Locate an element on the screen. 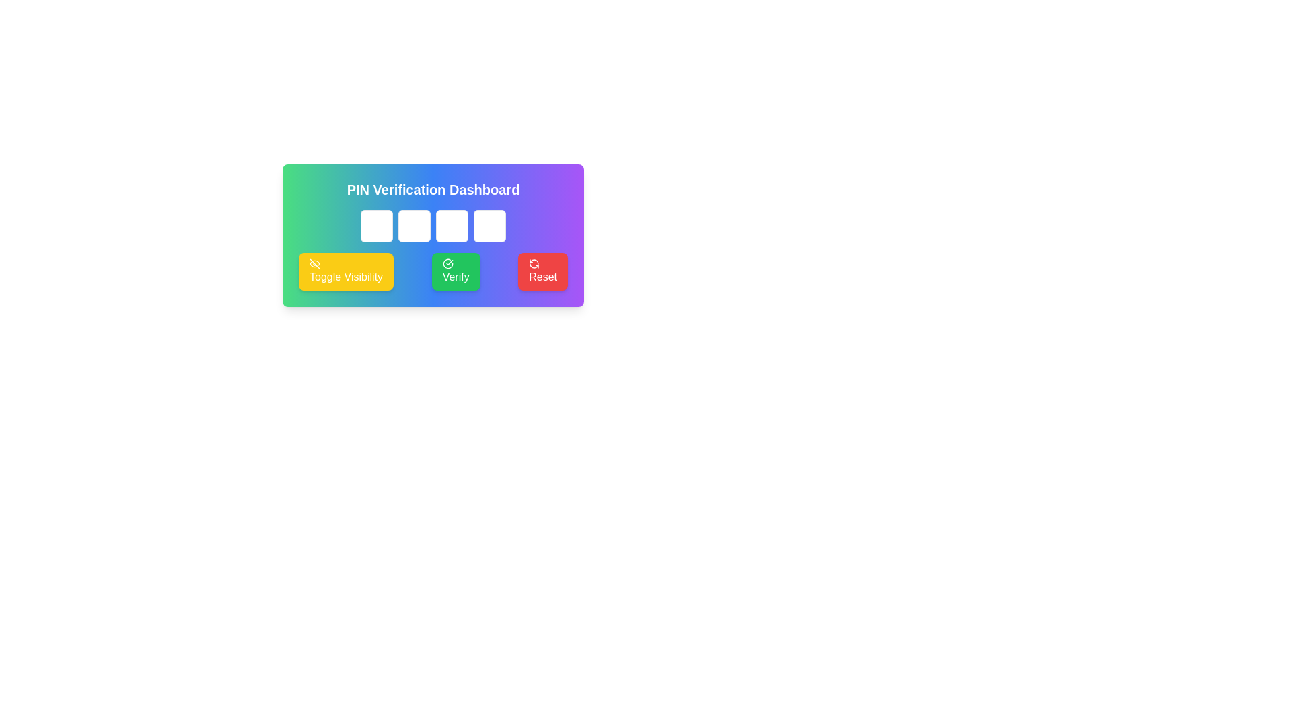 Image resolution: width=1292 pixels, height=727 pixels. the 'Verify' button located centrally at the bottom of the 'PIN Verification Dashboard' panel to confirm or validate the entered PIN is located at coordinates (433, 272).